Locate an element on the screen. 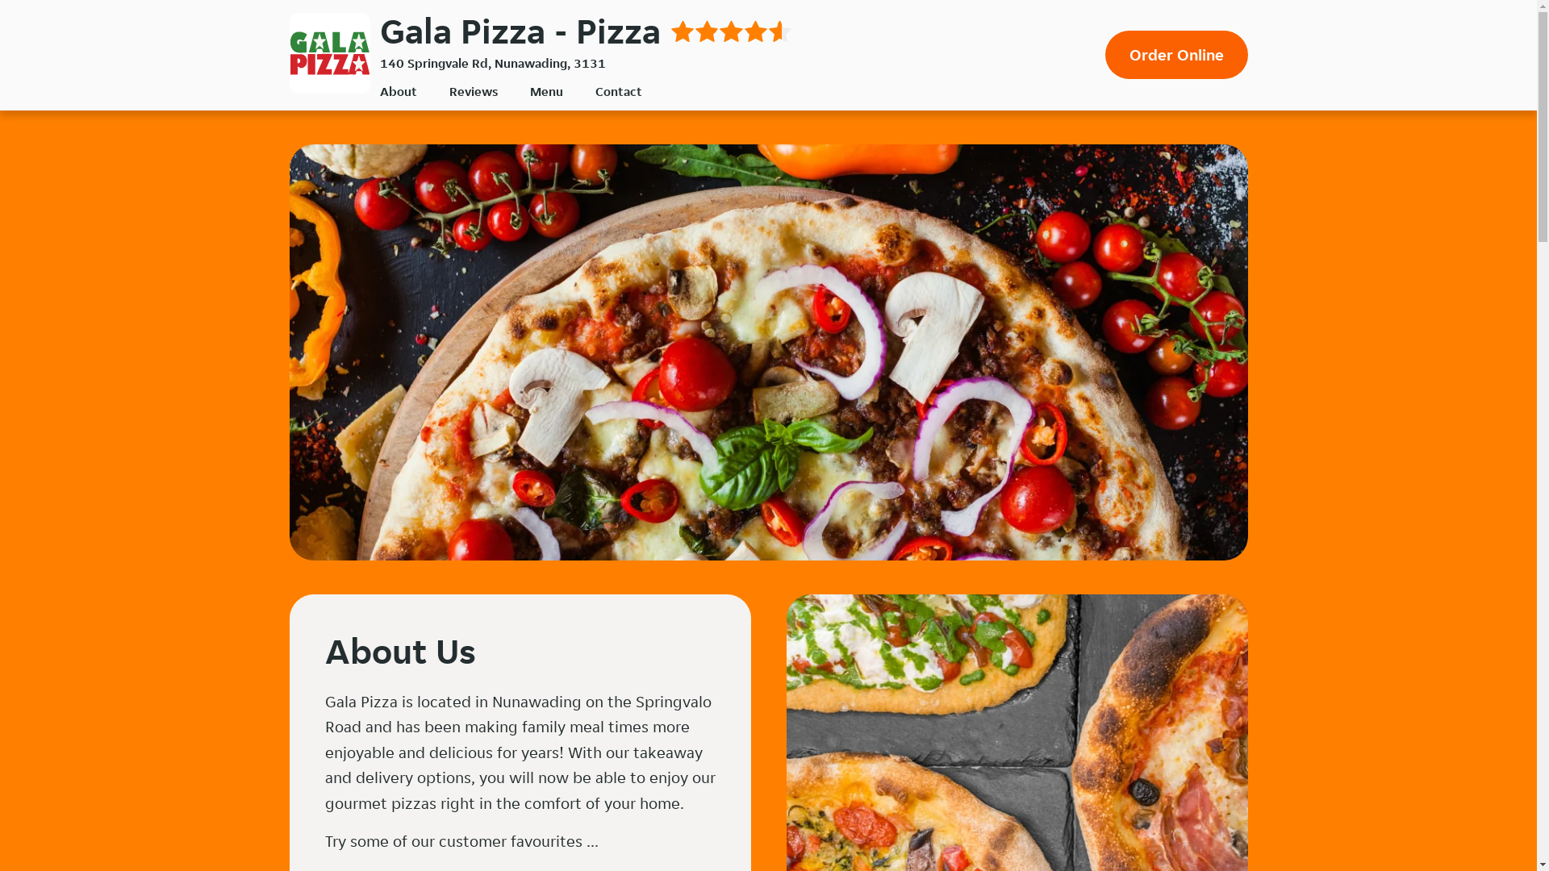 The image size is (1549, 871). 'Gala Pizza' is located at coordinates (328, 52).